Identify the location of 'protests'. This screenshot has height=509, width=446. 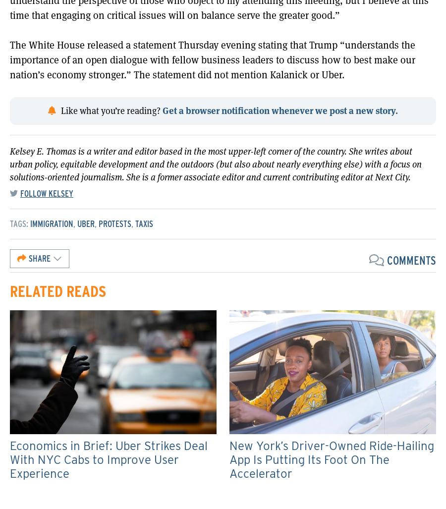
(114, 223).